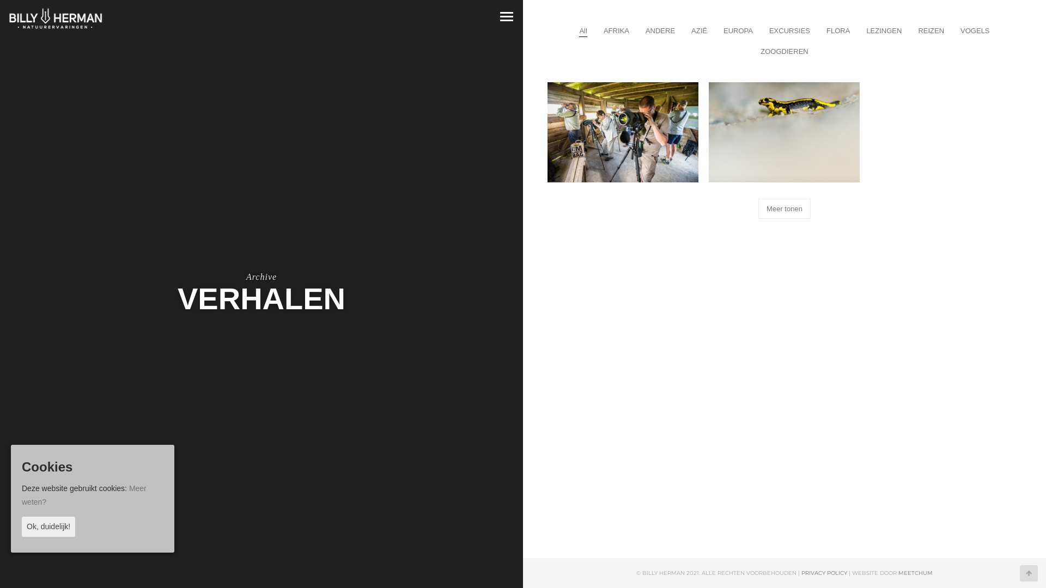 This screenshot has height=588, width=1046. Describe the element at coordinates (48, 526) in the screenshot. I see `'Ok, duidelijk!'` at that location.